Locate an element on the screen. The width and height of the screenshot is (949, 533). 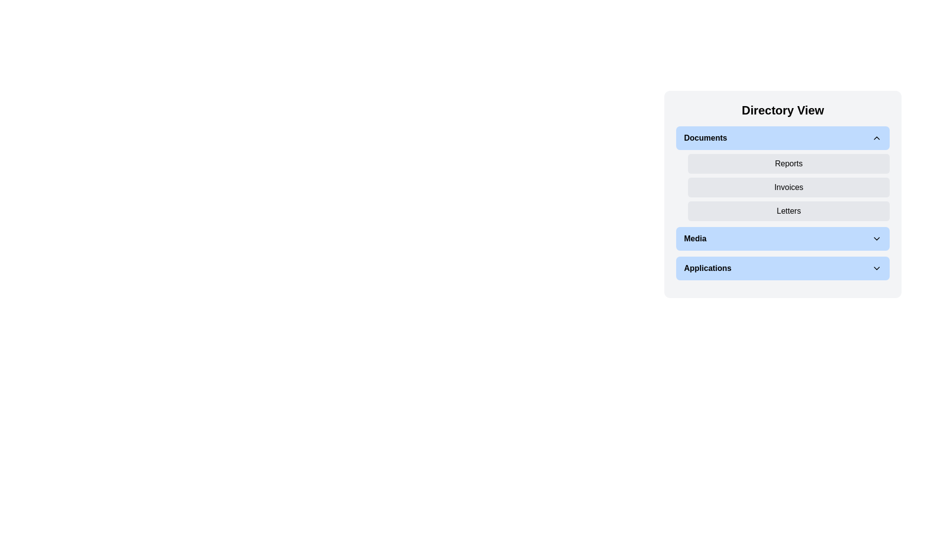
the 'Reports' button, which is a rectangular button with a light gray background and black text is located at coordinates (788, 163).